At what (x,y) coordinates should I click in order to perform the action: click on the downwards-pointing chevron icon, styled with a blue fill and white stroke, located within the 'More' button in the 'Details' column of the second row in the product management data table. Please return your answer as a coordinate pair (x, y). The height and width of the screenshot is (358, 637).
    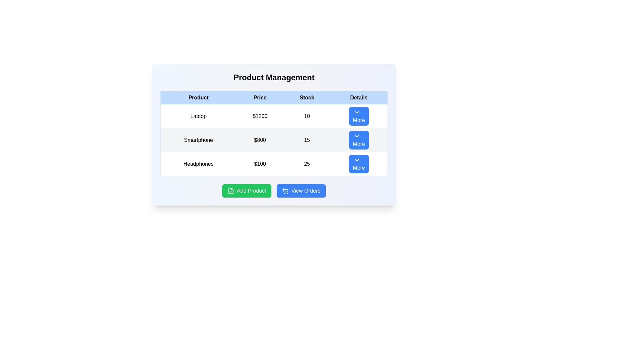
    Looking at the image, I should click on (356, 136).